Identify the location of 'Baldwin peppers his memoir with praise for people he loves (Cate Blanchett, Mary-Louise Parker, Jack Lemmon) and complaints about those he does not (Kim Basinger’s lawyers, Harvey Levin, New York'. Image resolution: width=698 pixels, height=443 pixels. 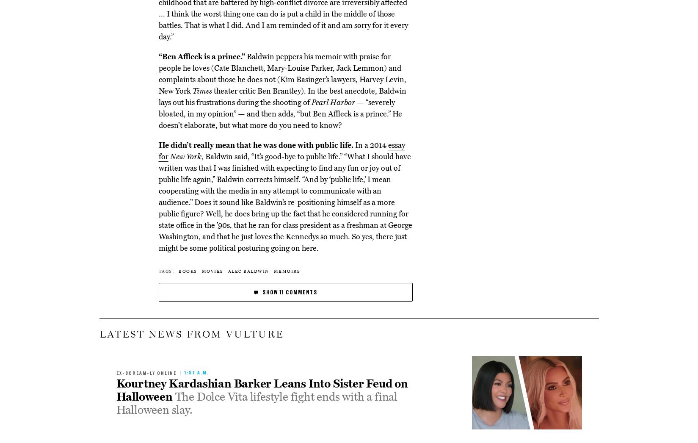
(282, 73).